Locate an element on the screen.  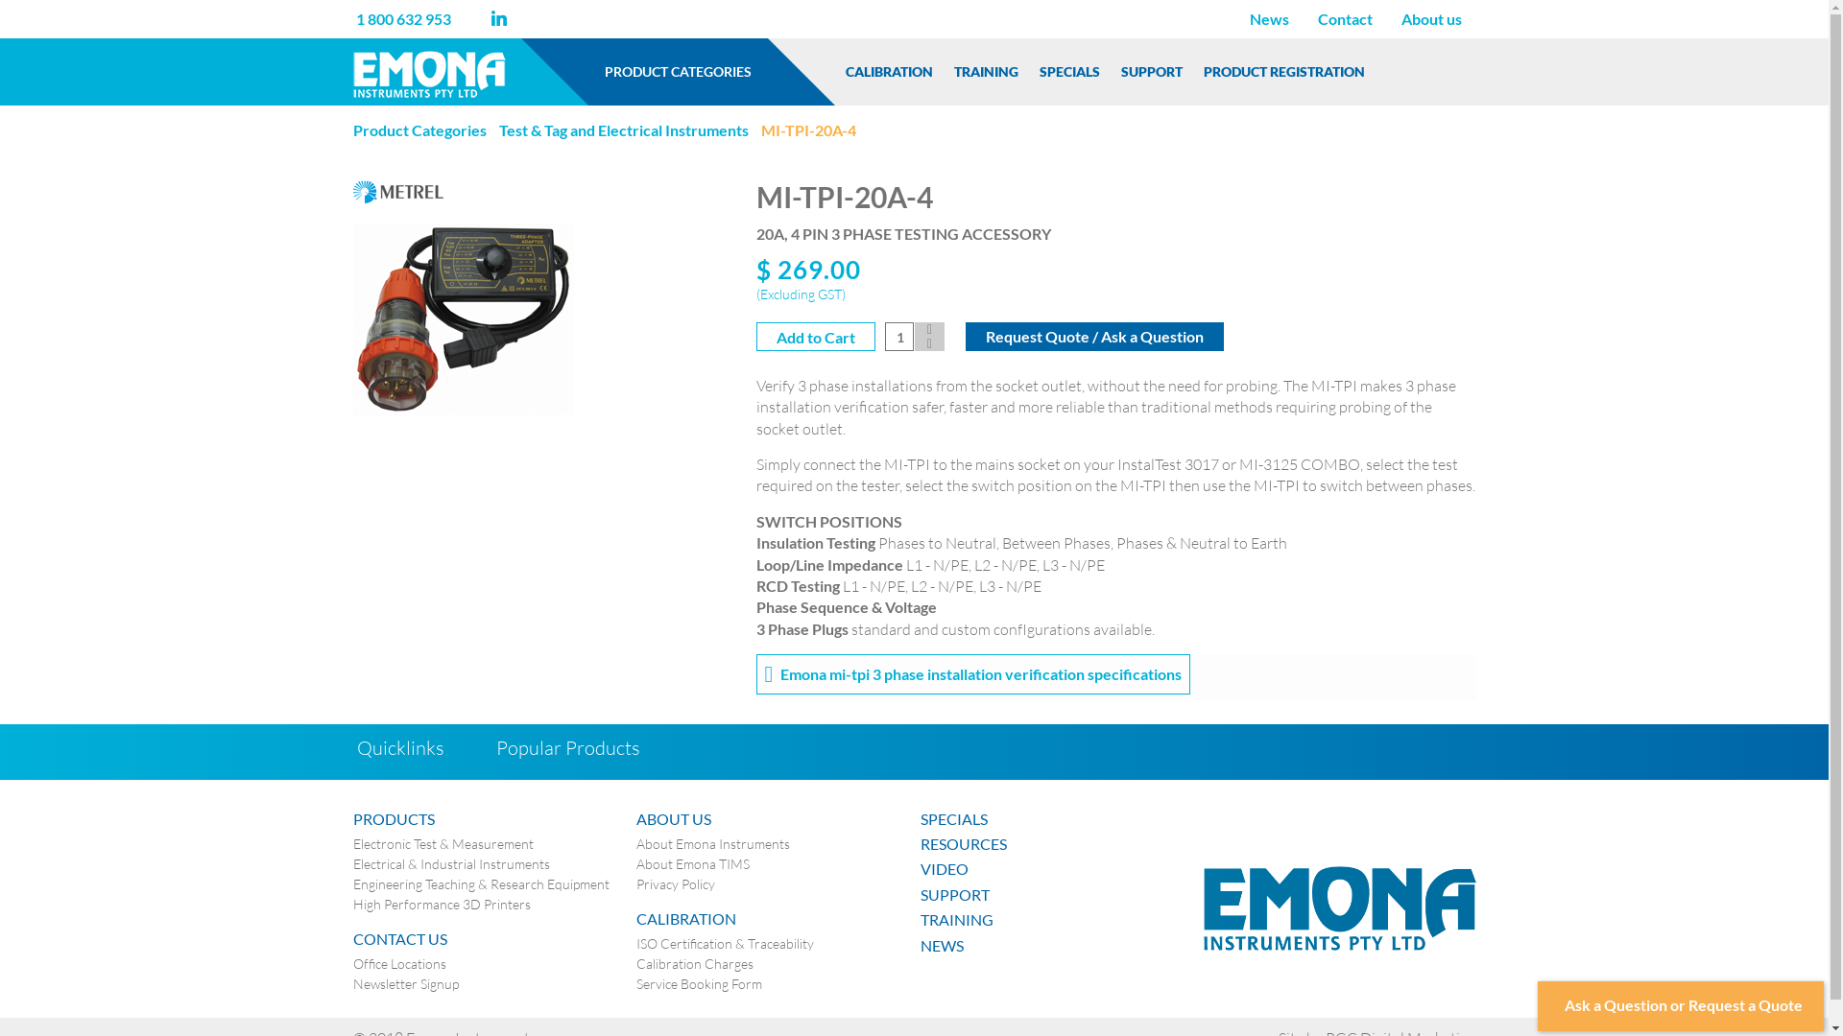
'Contact' is located at coordinates (1344, 18).